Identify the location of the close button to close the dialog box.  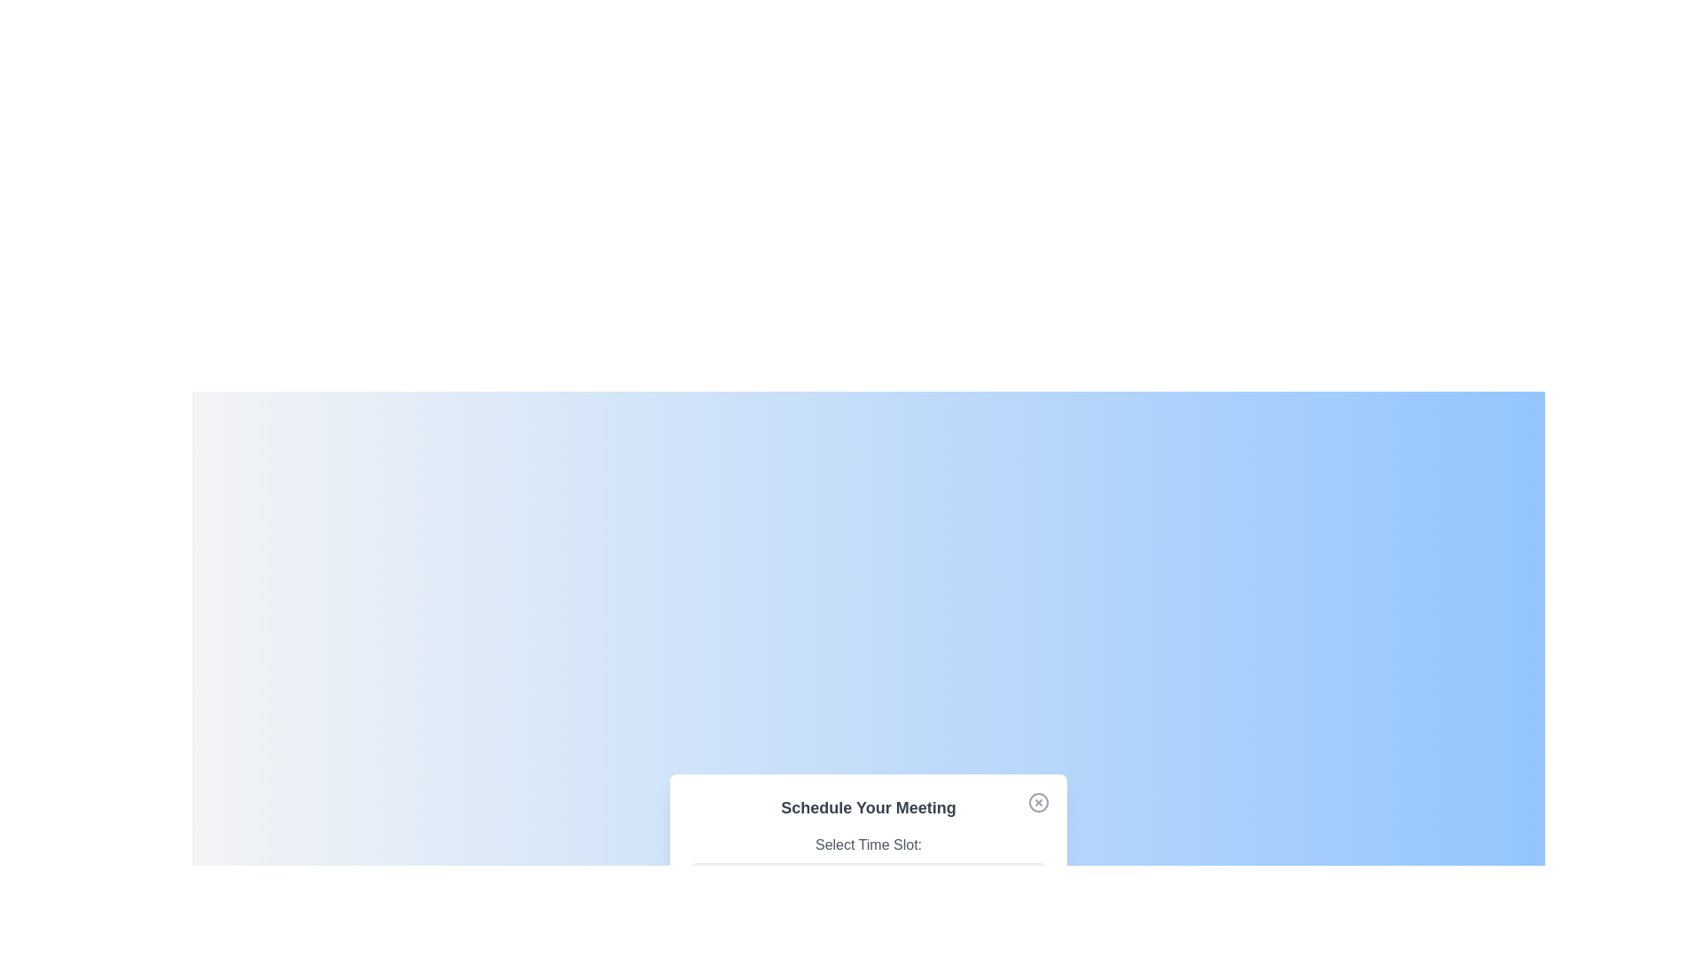
(1038, 802).